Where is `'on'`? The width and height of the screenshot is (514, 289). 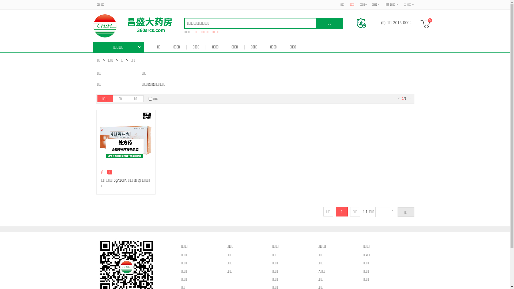
'on' is located at coordinates (150, 99).